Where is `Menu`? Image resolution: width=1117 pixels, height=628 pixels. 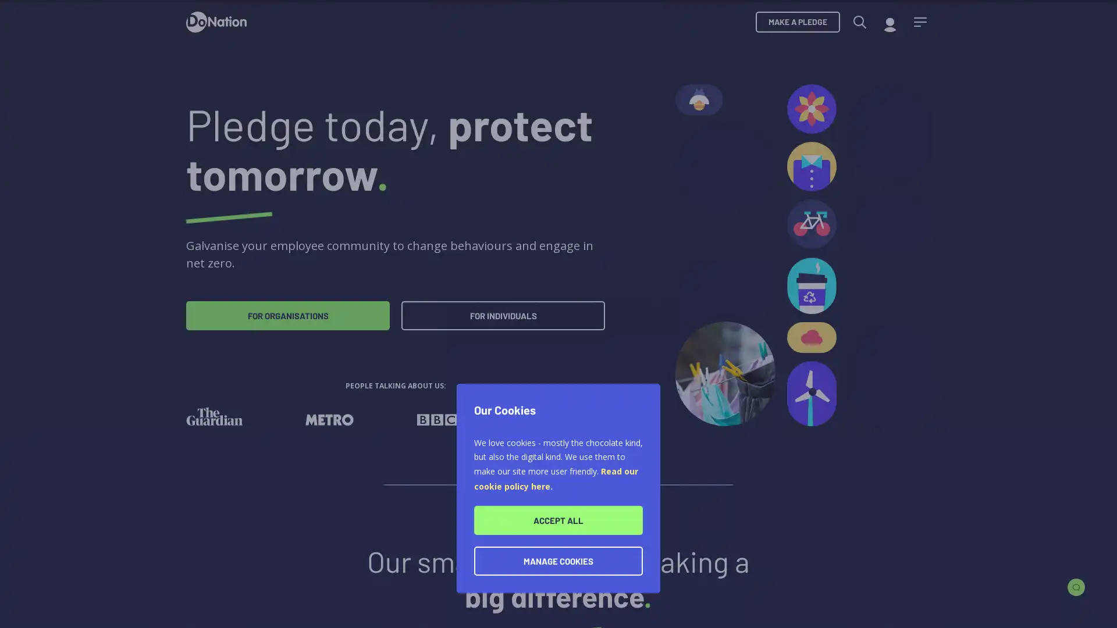 Menu is located at coordinates (920, 22).